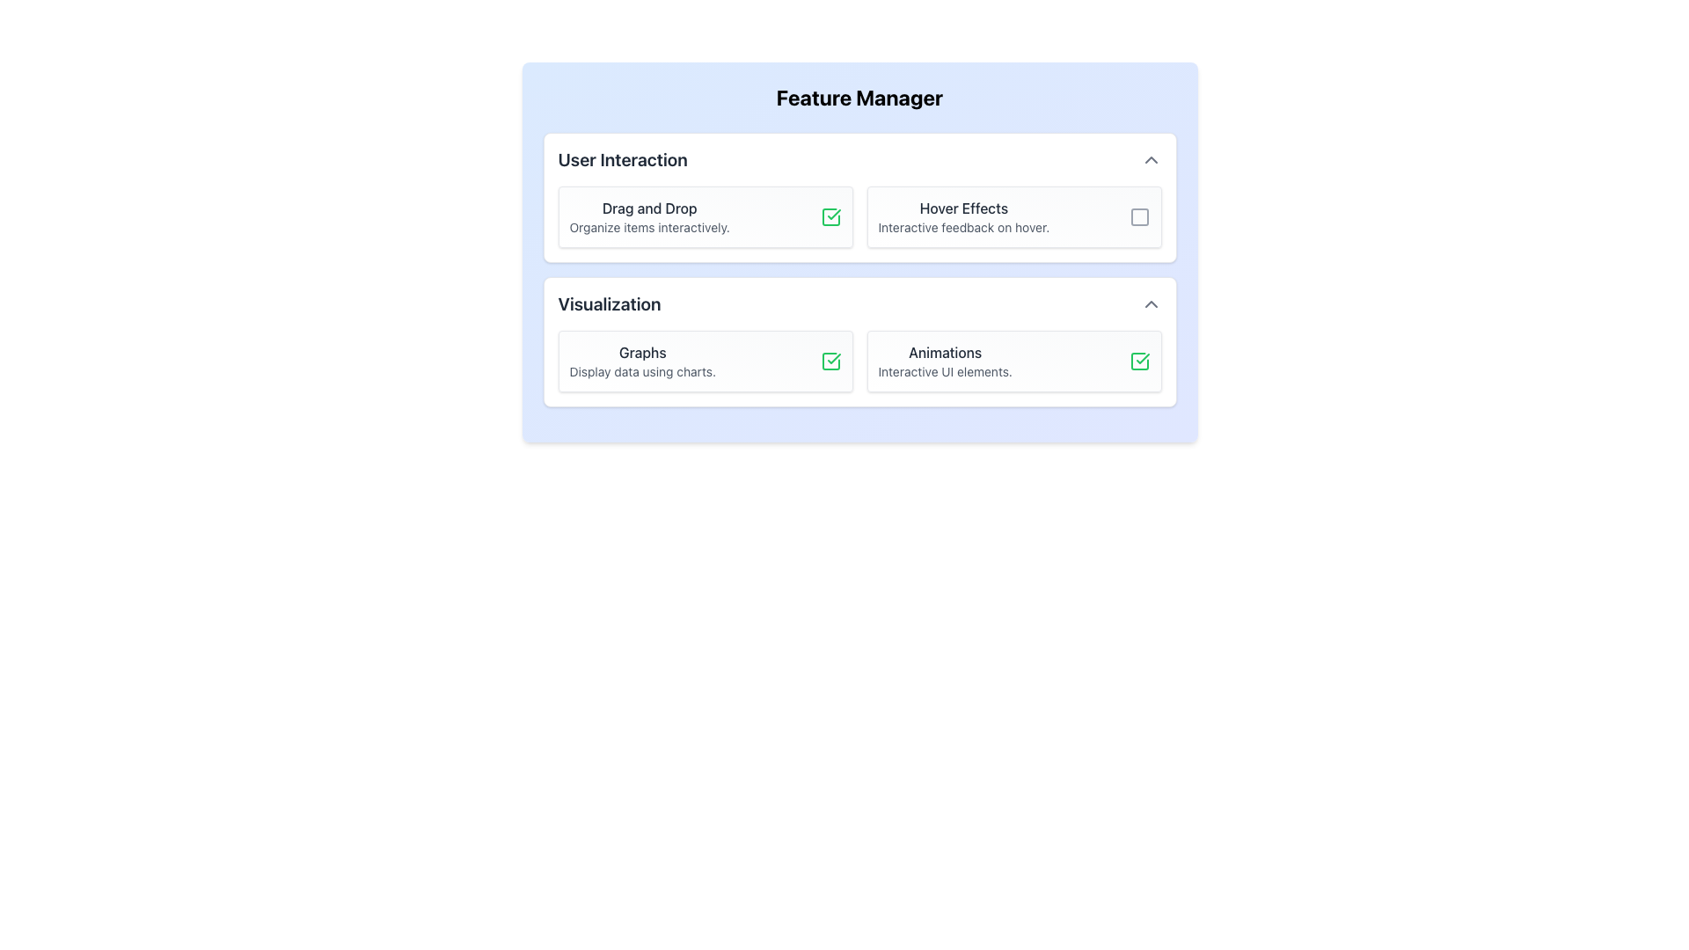  What do you see at coordinates (641, 371) in the screenshot?
I see `text label that says 'Display data using charts.' located under the 'Graphs' heading in the 'Visualization' section` at bounding box center [641, 371].